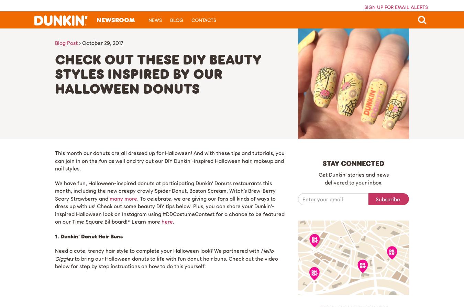 The height and width of the screenshot is (307, 464). Describe the element at coordinates (166, 262) in the screenshot. I see `'to bring our Halloween donuts to life with fun donut hair buns. Check out the video below for step by step instructions on how to do this yourself:'` at that location.